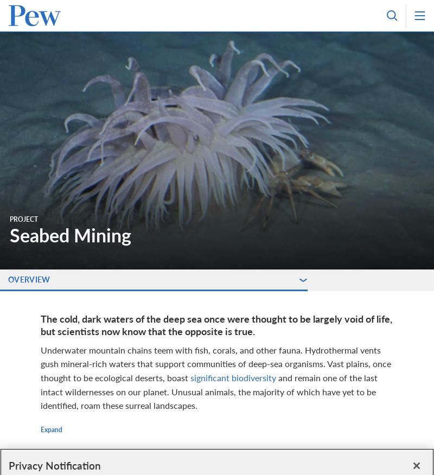 This screenshot has height=475, width=434. What do you see at coordinates (52, 176) in the screenshot?
I see `'Get Involved'` at bounding box center [52, 176].